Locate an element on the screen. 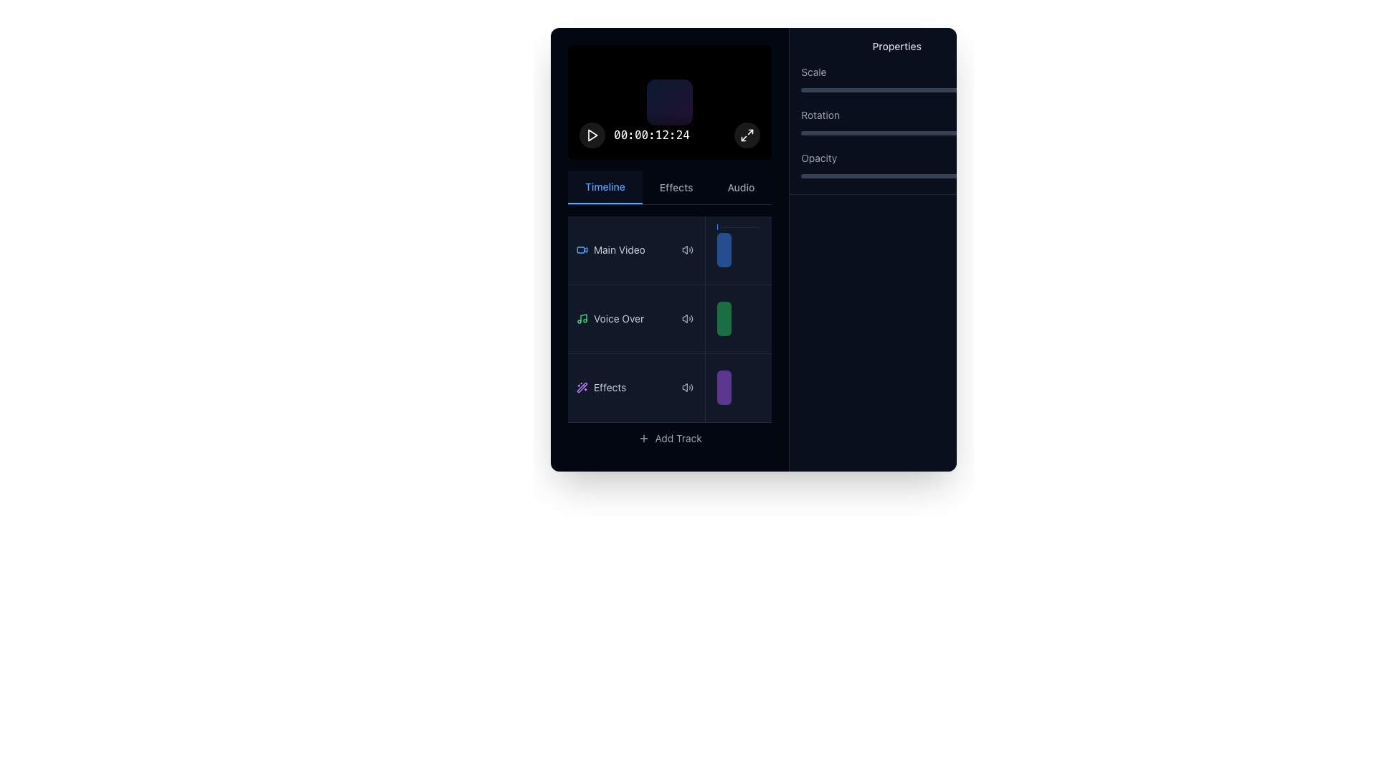 The height and width of the screenshot is (774, 1377). the 'Effects' label, which features a dark background, a purple wand icon with sparkles, and gray text, located in the left panel of the application interface below 'Main Video' and 'Voice Over' is located at coordinates (601, 388).